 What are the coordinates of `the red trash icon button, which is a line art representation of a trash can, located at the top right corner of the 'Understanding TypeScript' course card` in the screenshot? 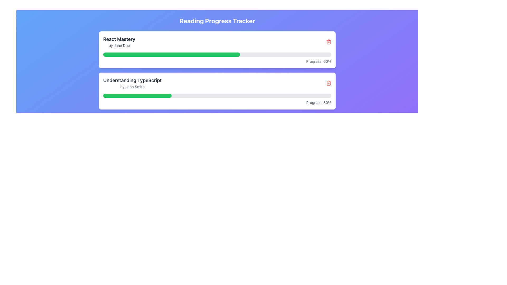 It's located at (328, 83).